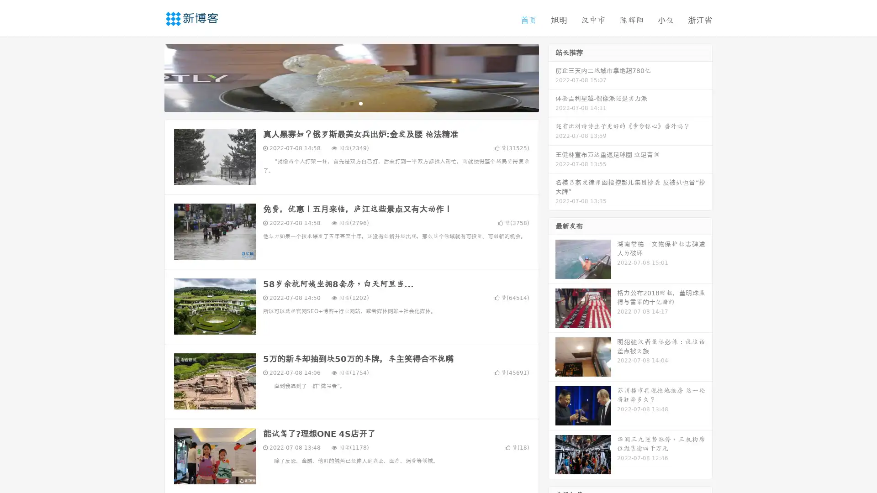 The image size is (877, 493). What do you see at coordinates (552, 77) in the screenshot?
I see `Next slide` at bounding box center [552, 77].